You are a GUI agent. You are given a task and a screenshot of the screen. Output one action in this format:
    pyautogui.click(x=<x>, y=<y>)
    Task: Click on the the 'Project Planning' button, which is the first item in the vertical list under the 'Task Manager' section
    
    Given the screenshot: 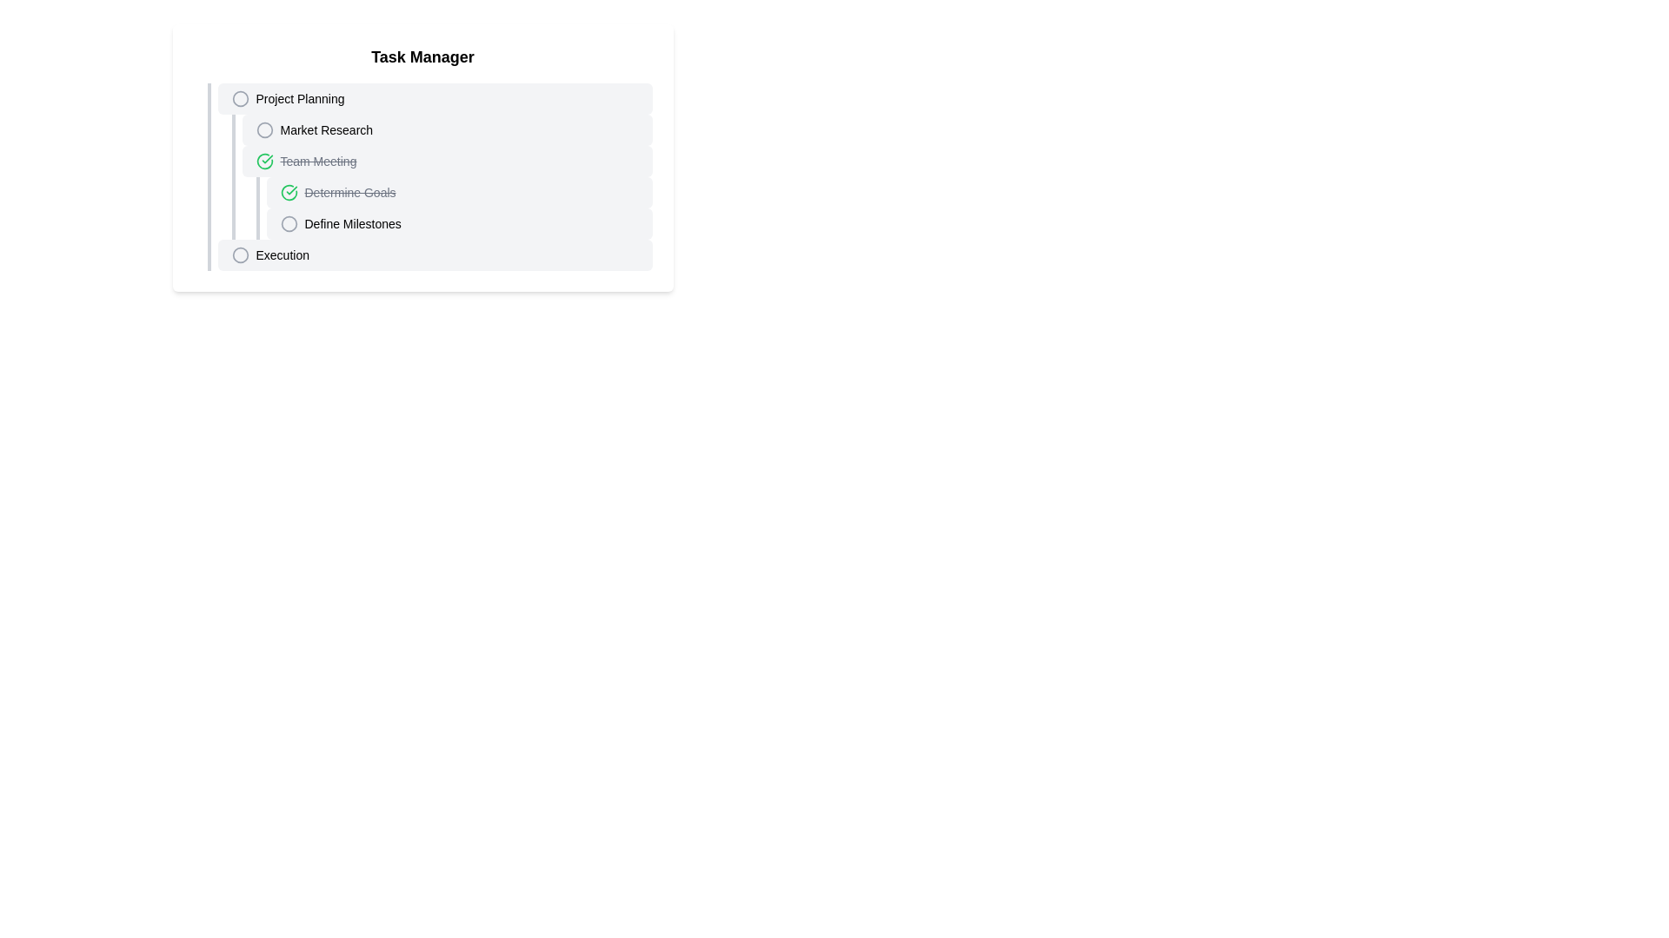 What is the action you would take?
    pyautogui.click(x=435, y=99)
    